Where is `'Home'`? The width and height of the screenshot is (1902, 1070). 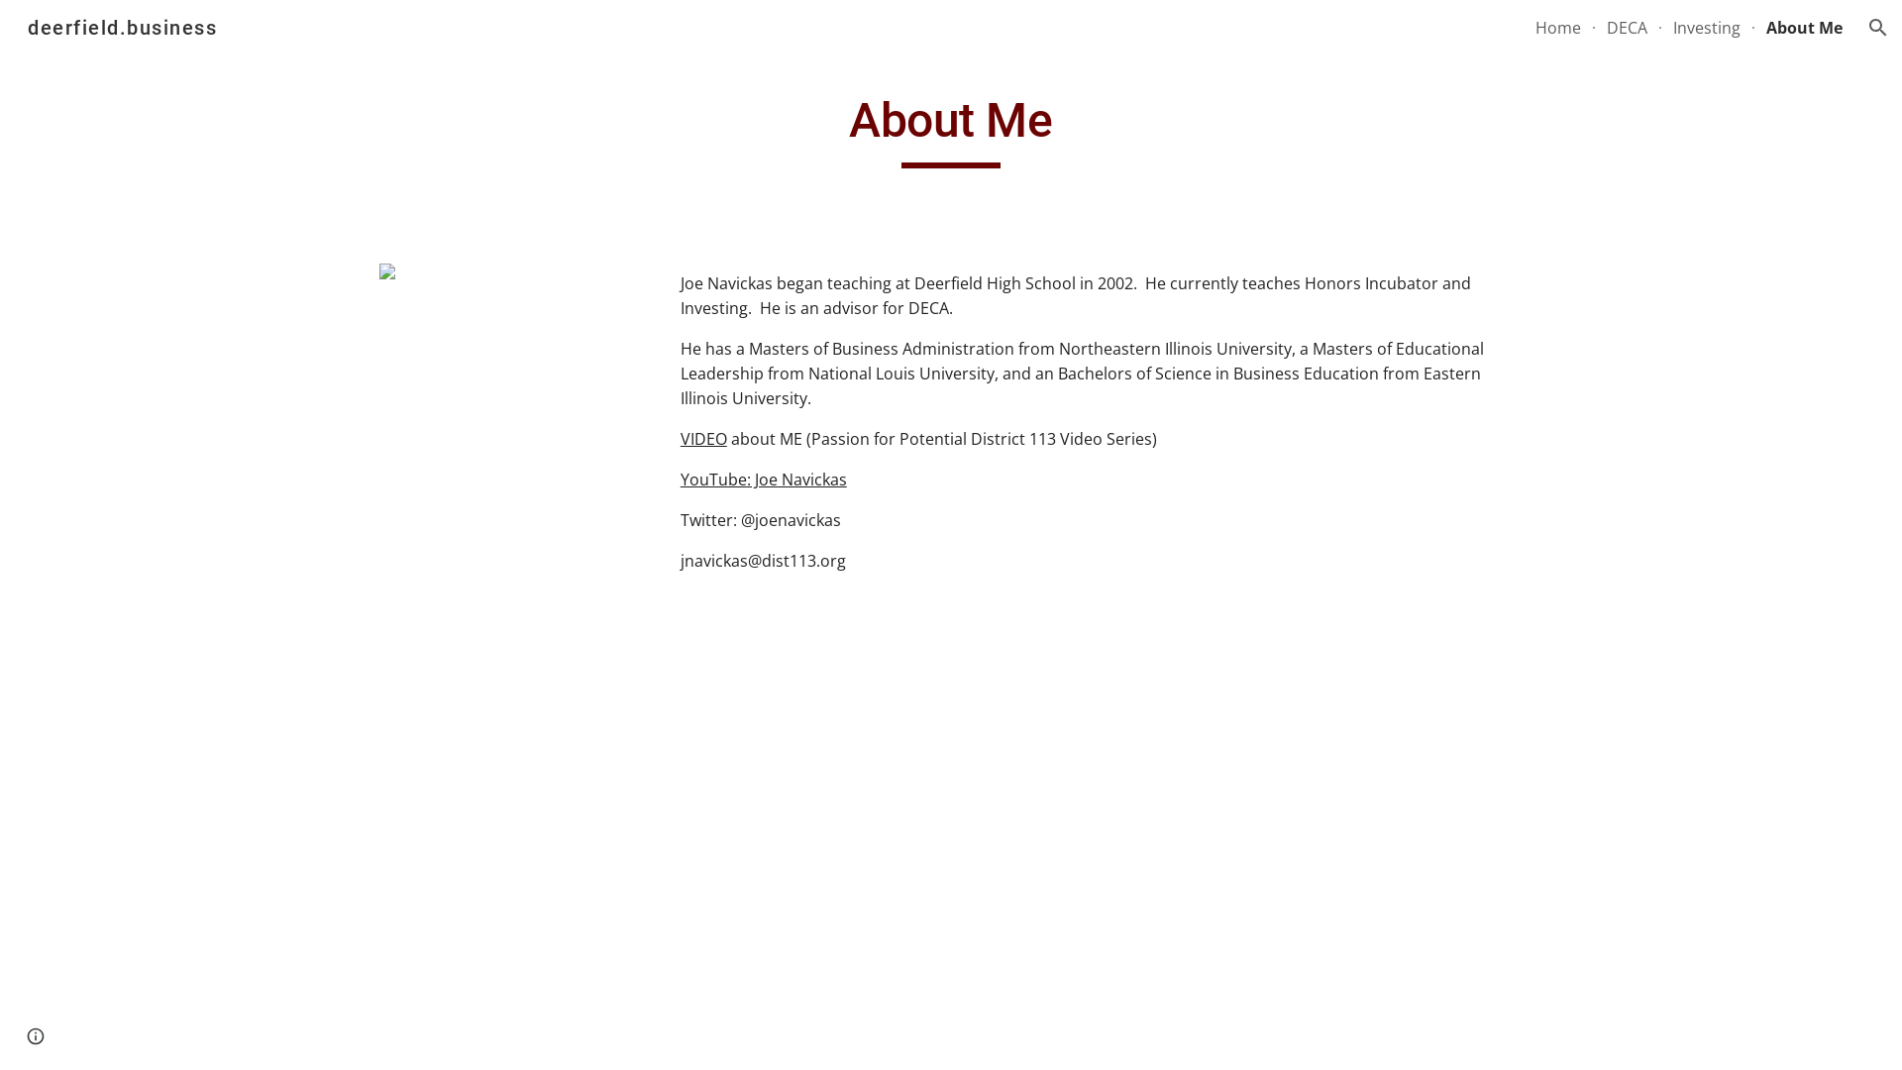 'Home' is located at coordinates (1557, 27).